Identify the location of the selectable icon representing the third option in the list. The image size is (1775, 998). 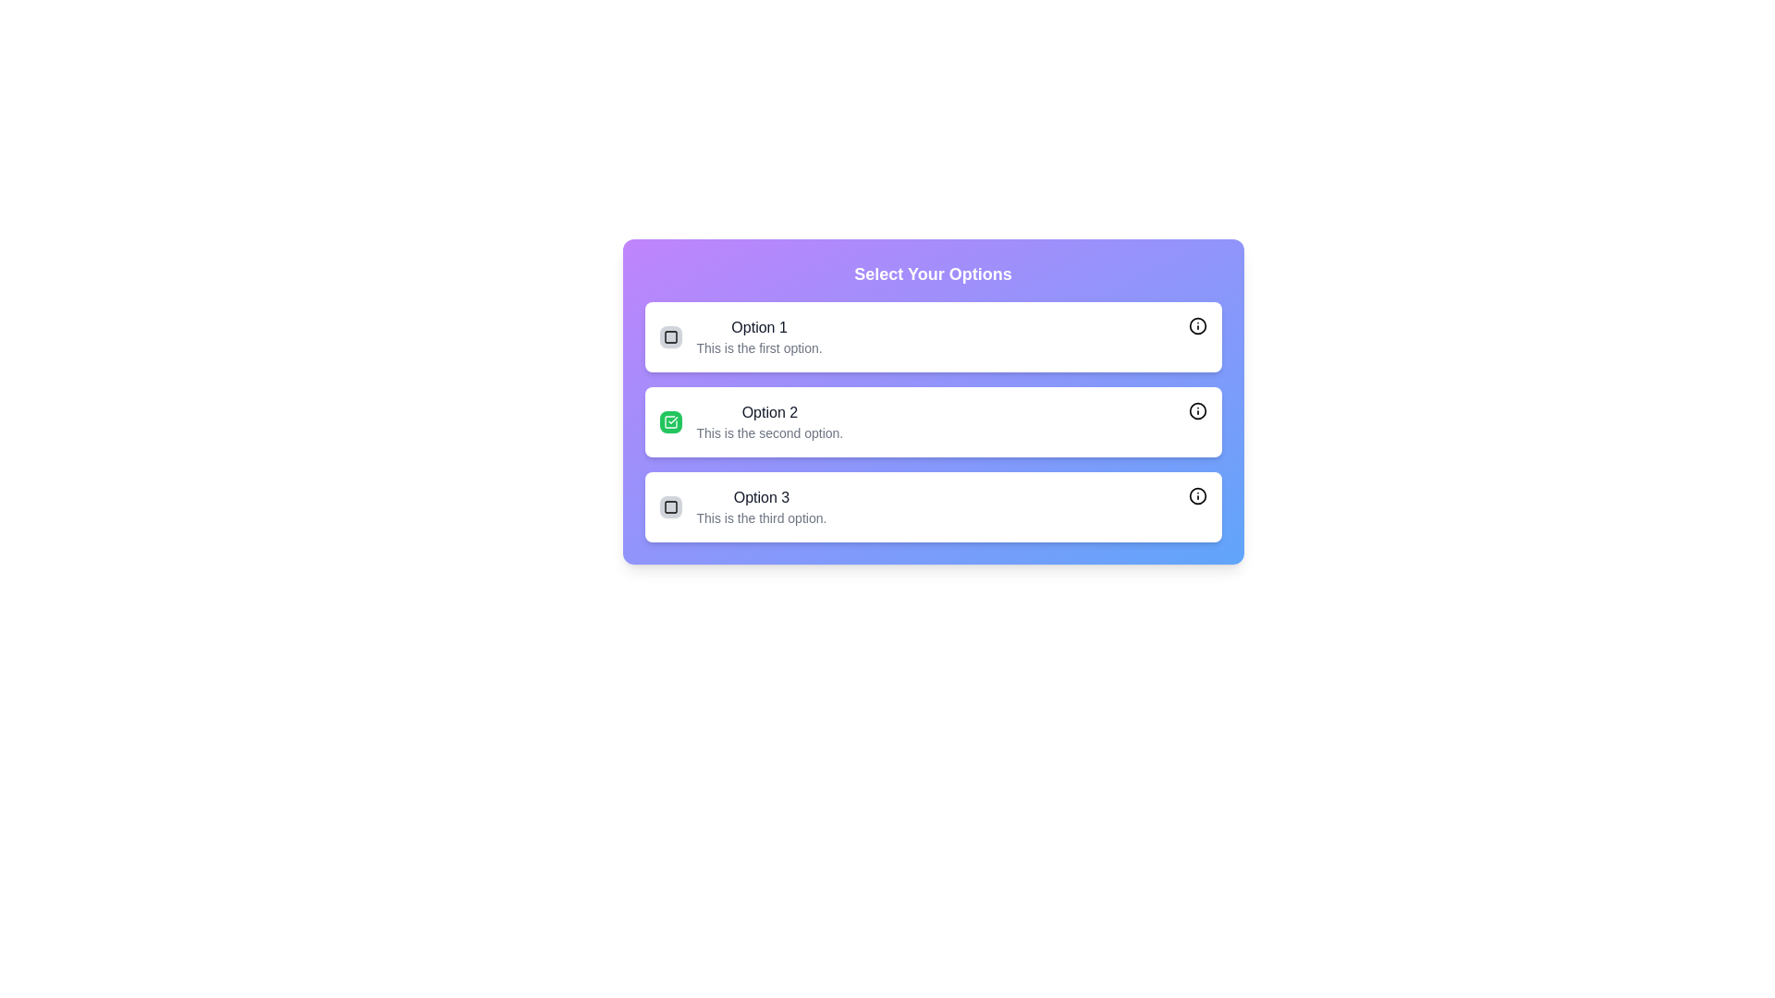
(669, 506).